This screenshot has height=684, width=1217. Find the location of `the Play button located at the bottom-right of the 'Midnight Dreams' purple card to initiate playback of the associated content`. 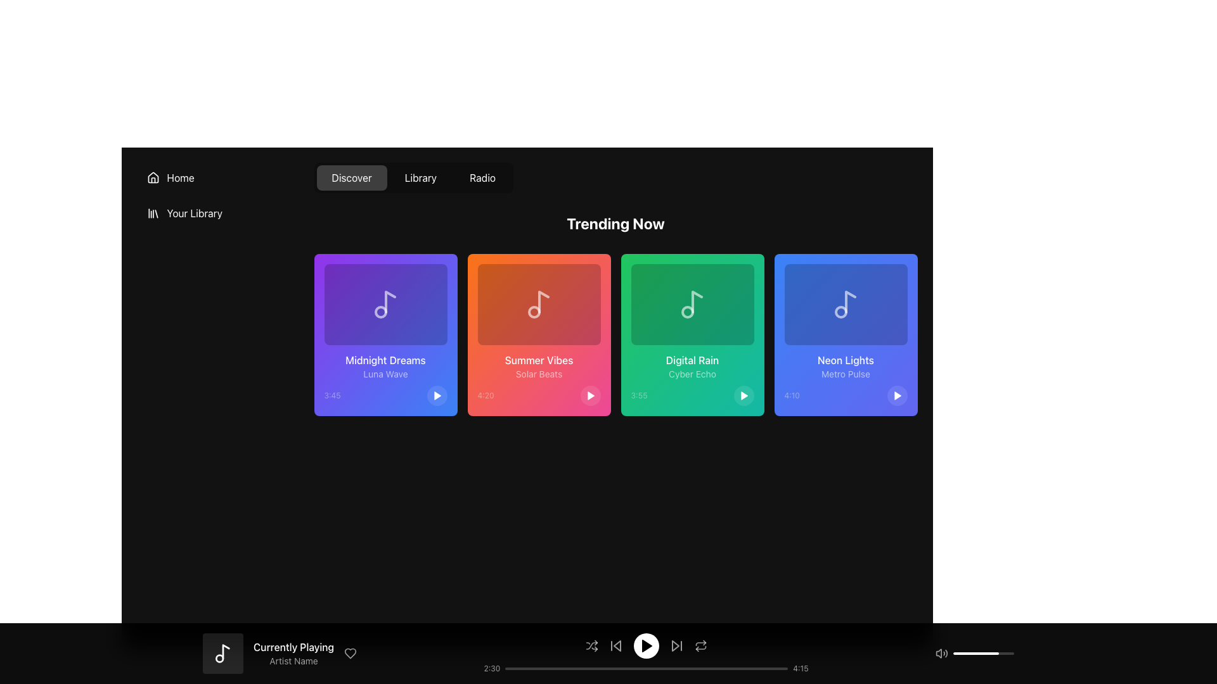

the Play button located at the bottom-right of the 'Midnight Dreams' purple card to initiate playback of the associated content is located at coordinates (437, 395).